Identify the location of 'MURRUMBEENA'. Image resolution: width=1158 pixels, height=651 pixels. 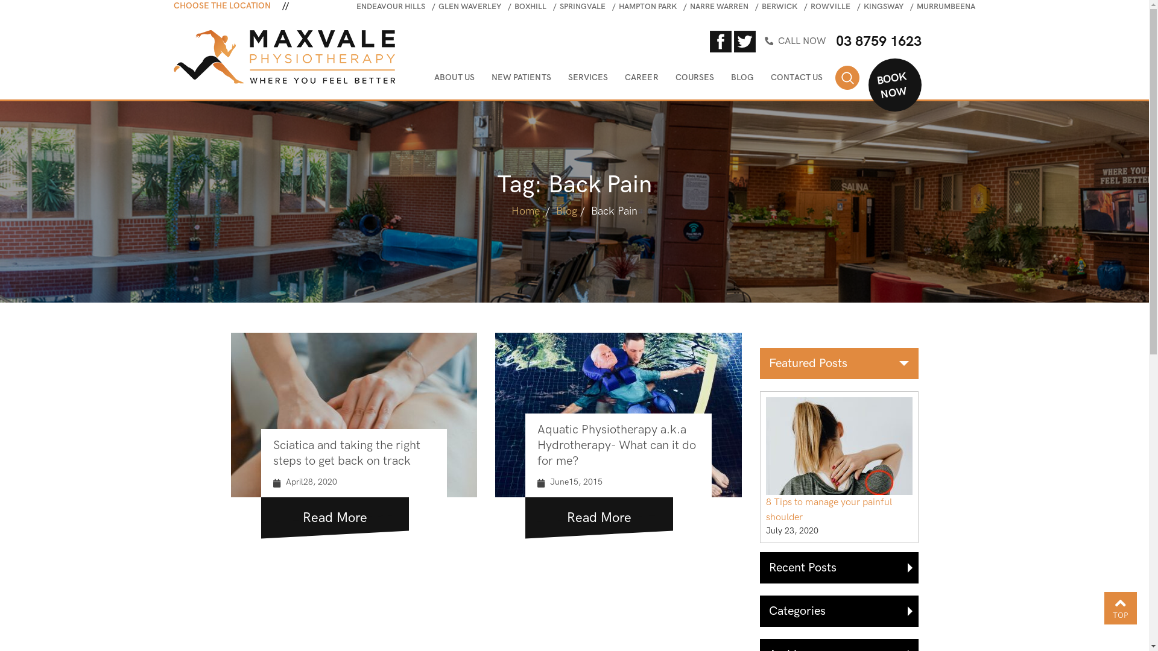
(945, 7).